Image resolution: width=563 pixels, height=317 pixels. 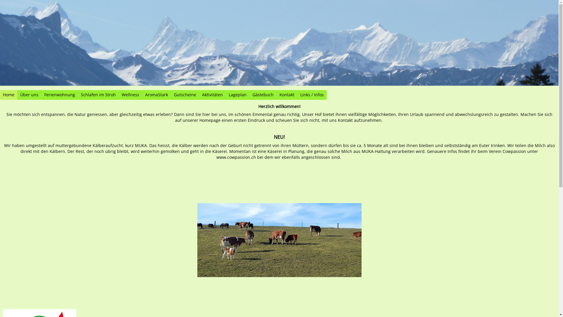 I want to click on 'Schlafen im Stroh', so click(x=77, y=95).